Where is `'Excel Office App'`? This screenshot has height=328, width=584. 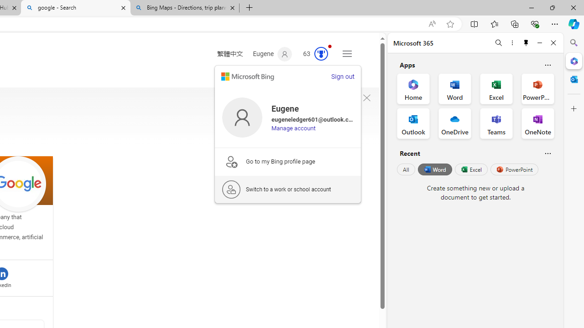
'Excel Office App' is located at coordinates (496, 89).